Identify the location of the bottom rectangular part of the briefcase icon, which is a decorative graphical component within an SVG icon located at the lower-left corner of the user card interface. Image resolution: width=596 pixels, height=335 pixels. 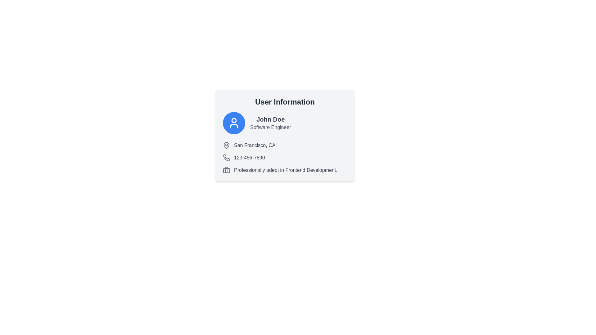
(226, 171).